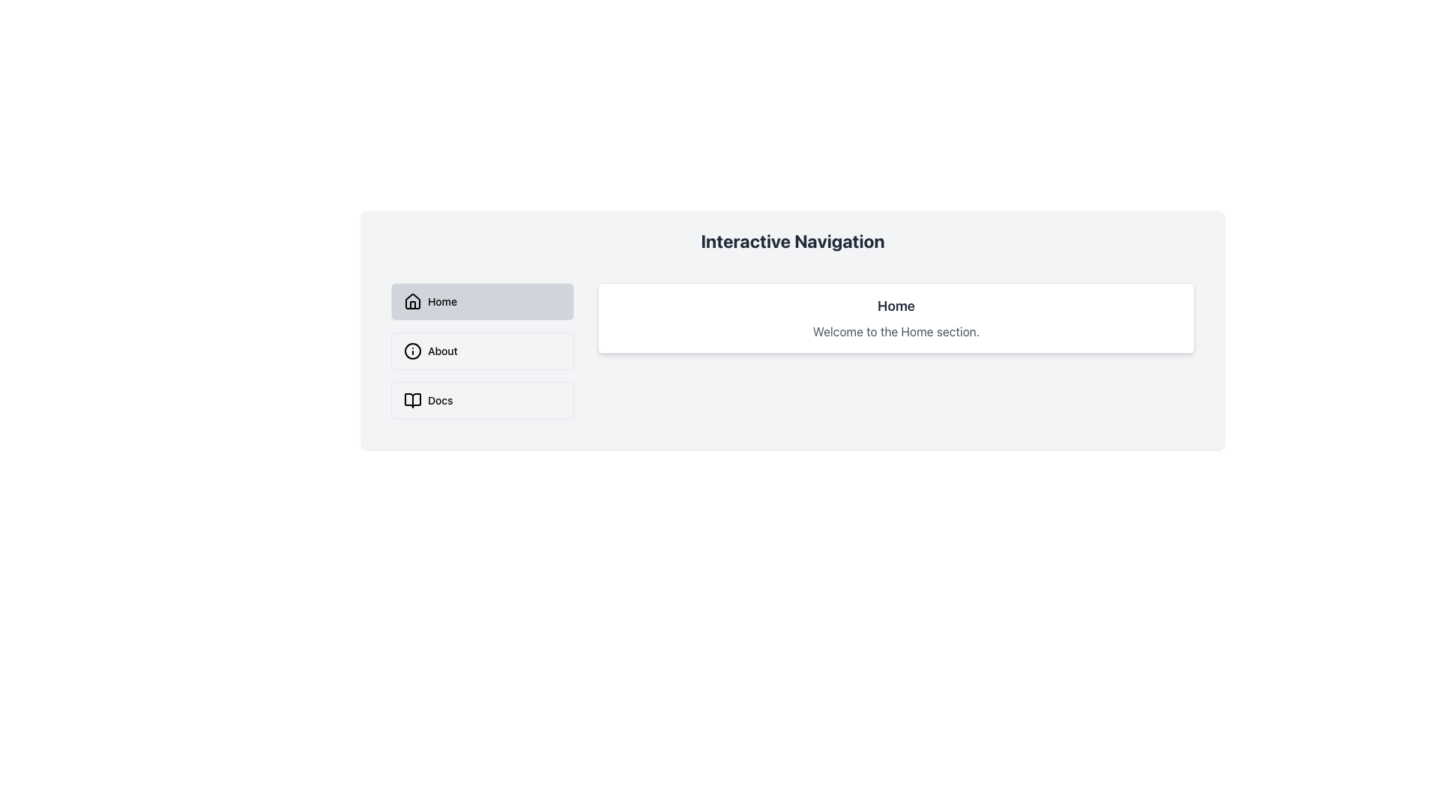  I want to click on the Icon representing the 'About' menu item in the left sidebar navigation, so click(413, 351).